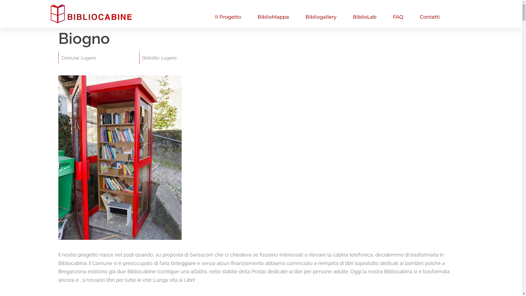 The height and width of the screenshot is (296, 526). Describe the element at coordinates (321, 16) in the screenshot. I see `'Bibliogallery'` at that location.